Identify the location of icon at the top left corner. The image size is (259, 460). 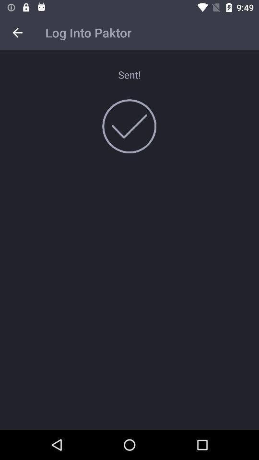
(17, 33).